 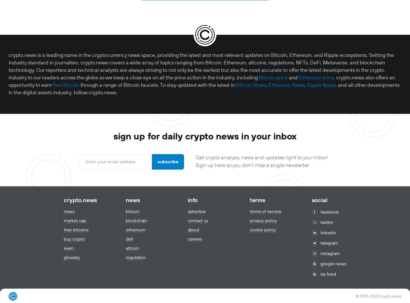 I want to click on 'Market Cap', so click(x=75, y=220).